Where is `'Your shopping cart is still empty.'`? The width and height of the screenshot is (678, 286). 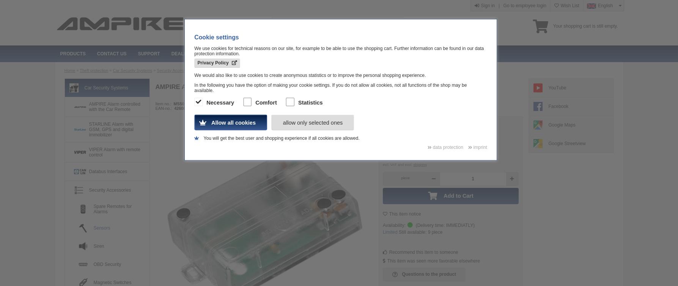
'Your shopping cart is still empty.' is located at coordinates (585, 26).